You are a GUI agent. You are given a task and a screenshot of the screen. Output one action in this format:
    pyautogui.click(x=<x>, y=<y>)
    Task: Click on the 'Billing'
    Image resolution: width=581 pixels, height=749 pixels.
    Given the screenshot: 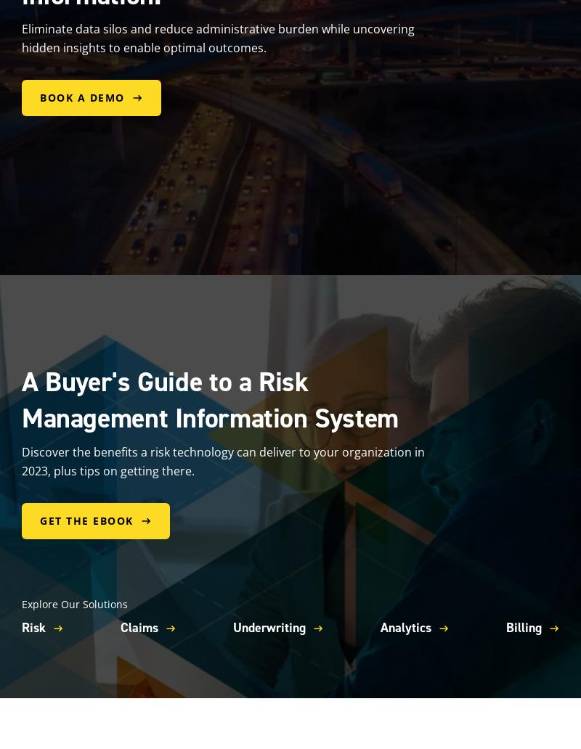 What is the action you would take?
    pyautogui.click(x=505, y=628)
    